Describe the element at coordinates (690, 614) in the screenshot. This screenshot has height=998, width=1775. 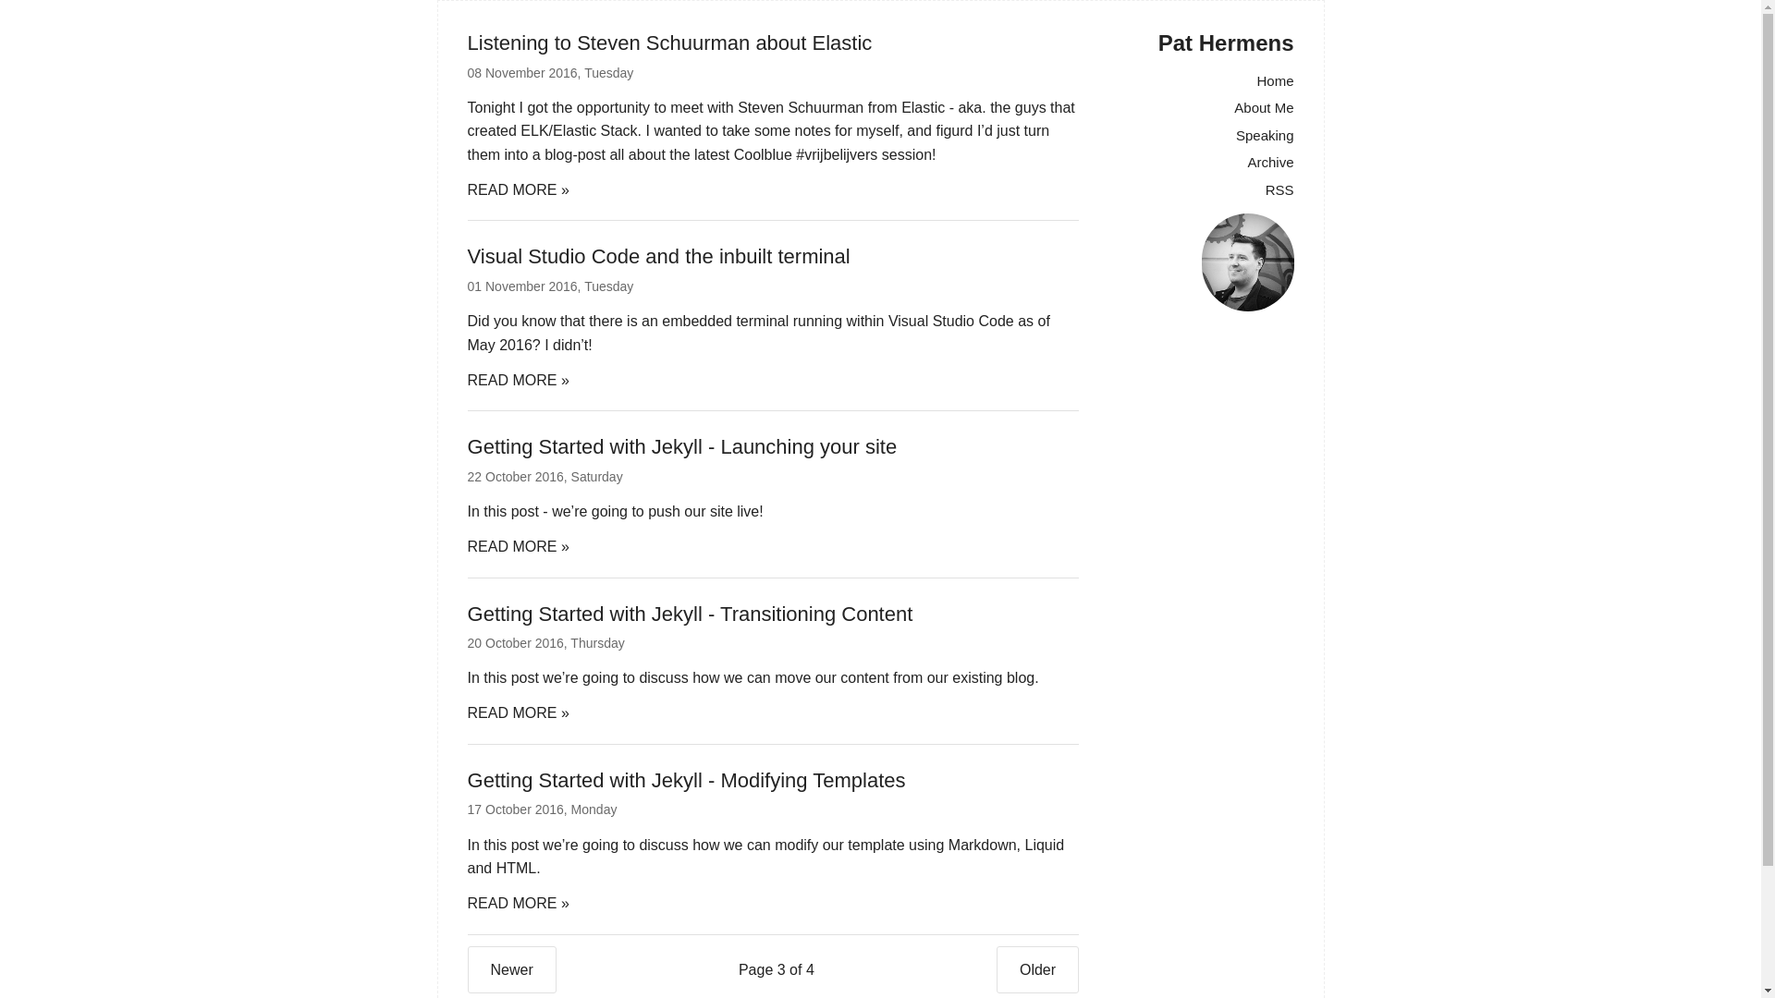
I see `'Getting Started with Jekyll - Transitioning Content'` at that location.